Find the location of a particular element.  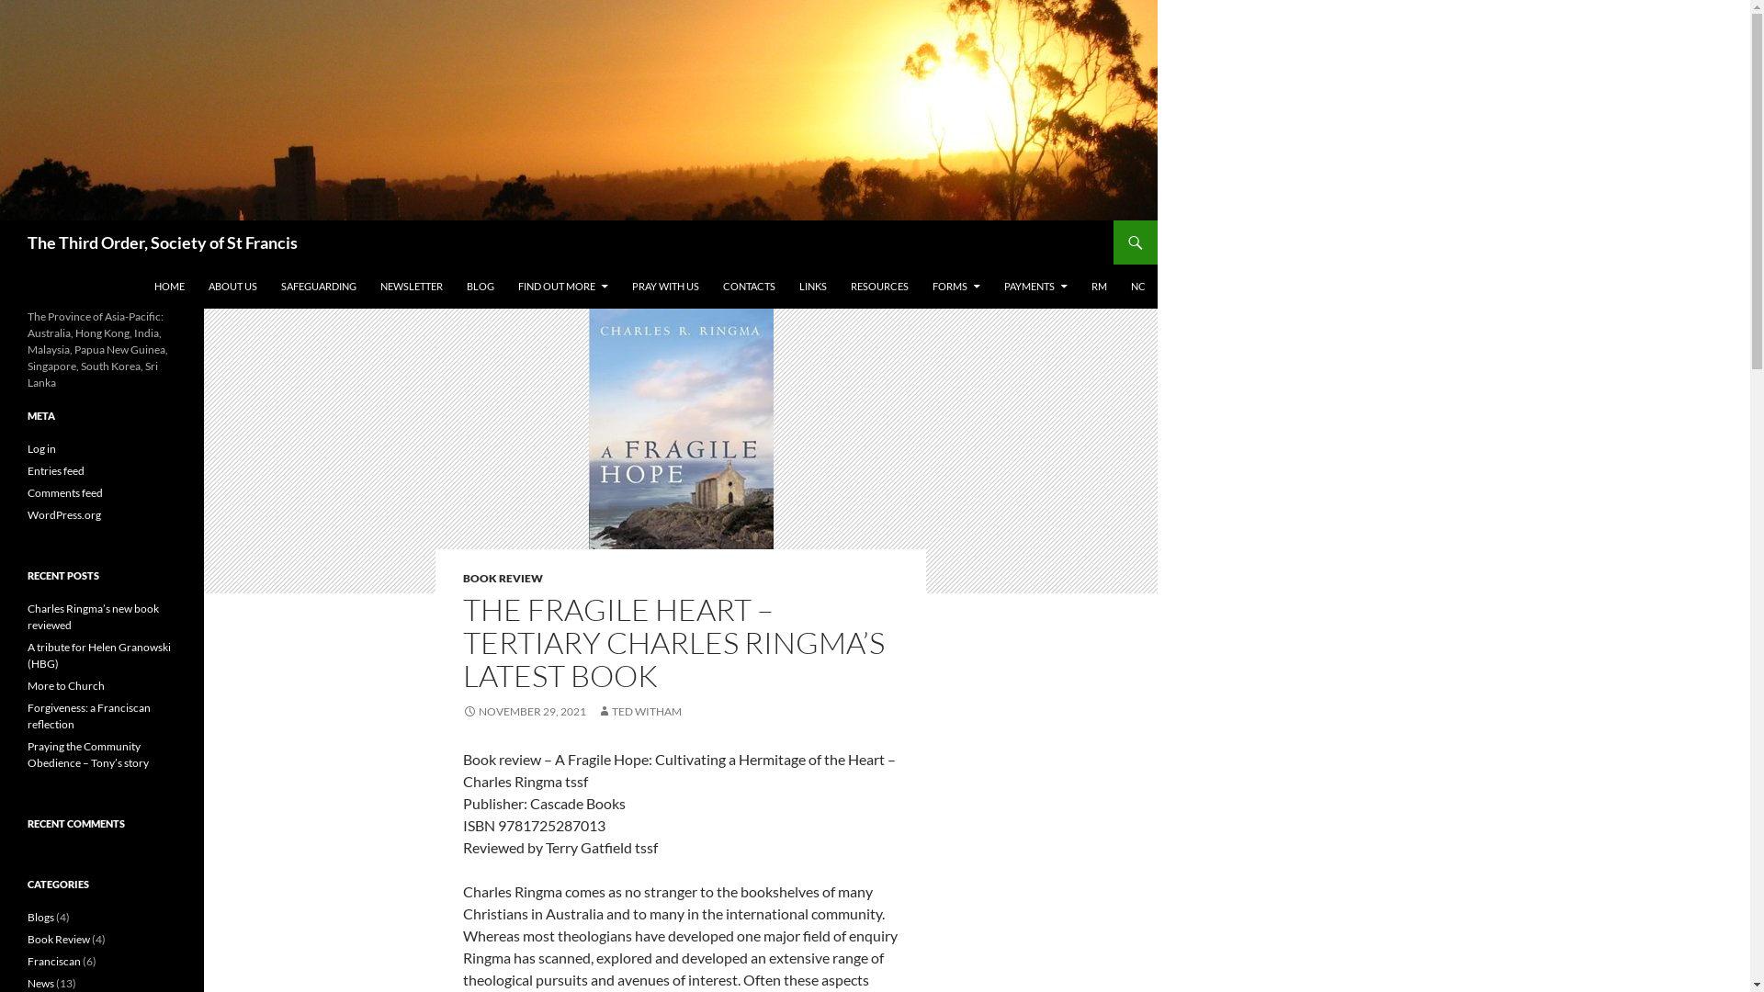

'Entries feed' is located at coordinates (56, 469).